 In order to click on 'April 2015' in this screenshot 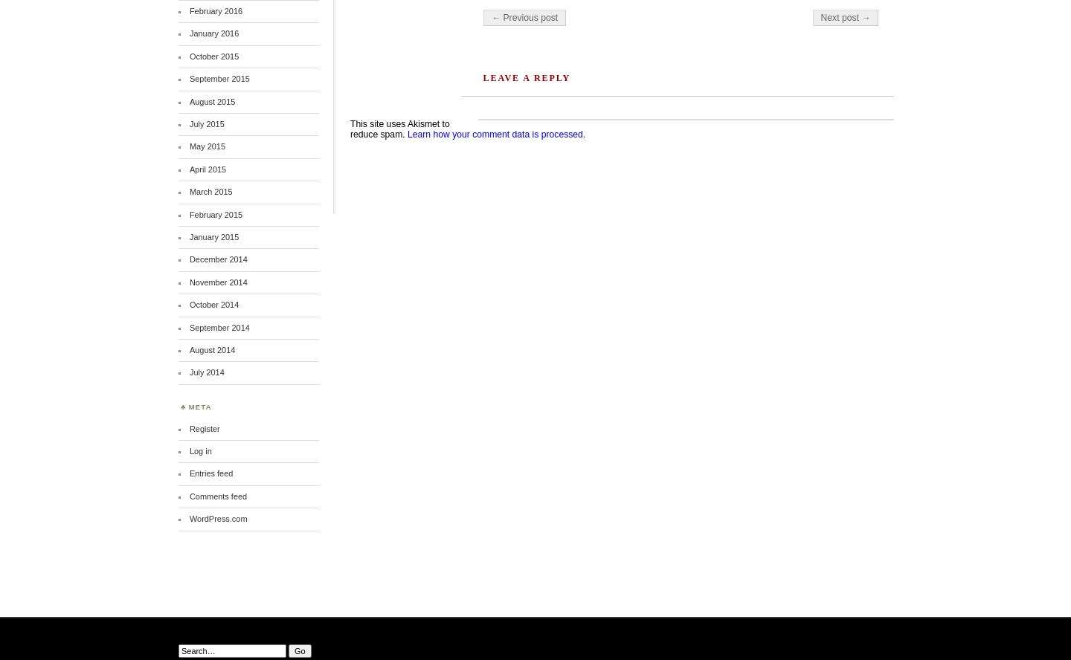, I will do `click(207, 168)`.